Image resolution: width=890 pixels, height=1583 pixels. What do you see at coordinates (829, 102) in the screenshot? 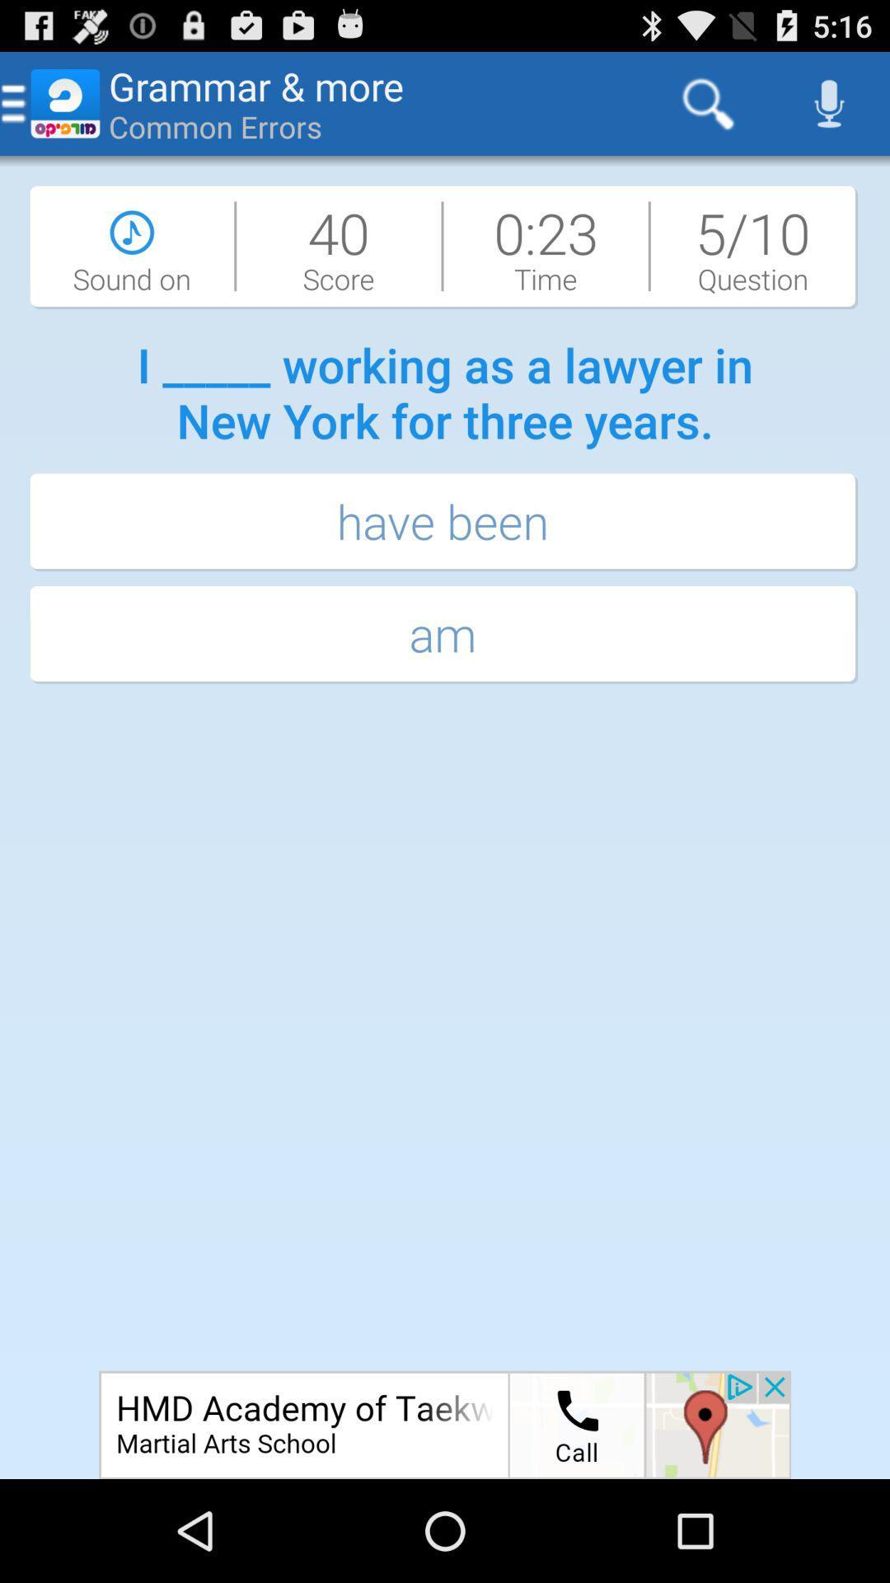
I see `the icon at the top right corner of the page` at bounding box center [829, 102].